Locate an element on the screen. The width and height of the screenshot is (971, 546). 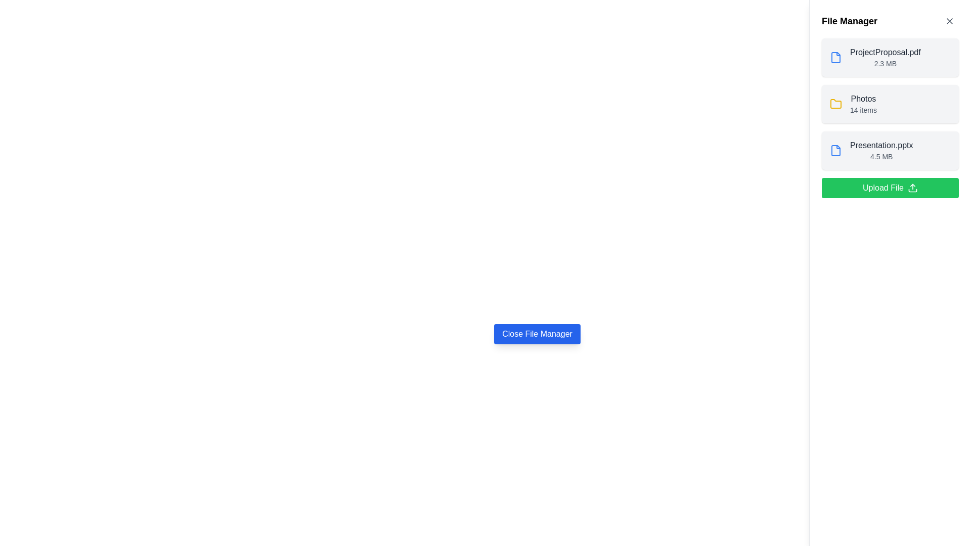
the 'Photos' folder item is located at coordinates (853, 104).